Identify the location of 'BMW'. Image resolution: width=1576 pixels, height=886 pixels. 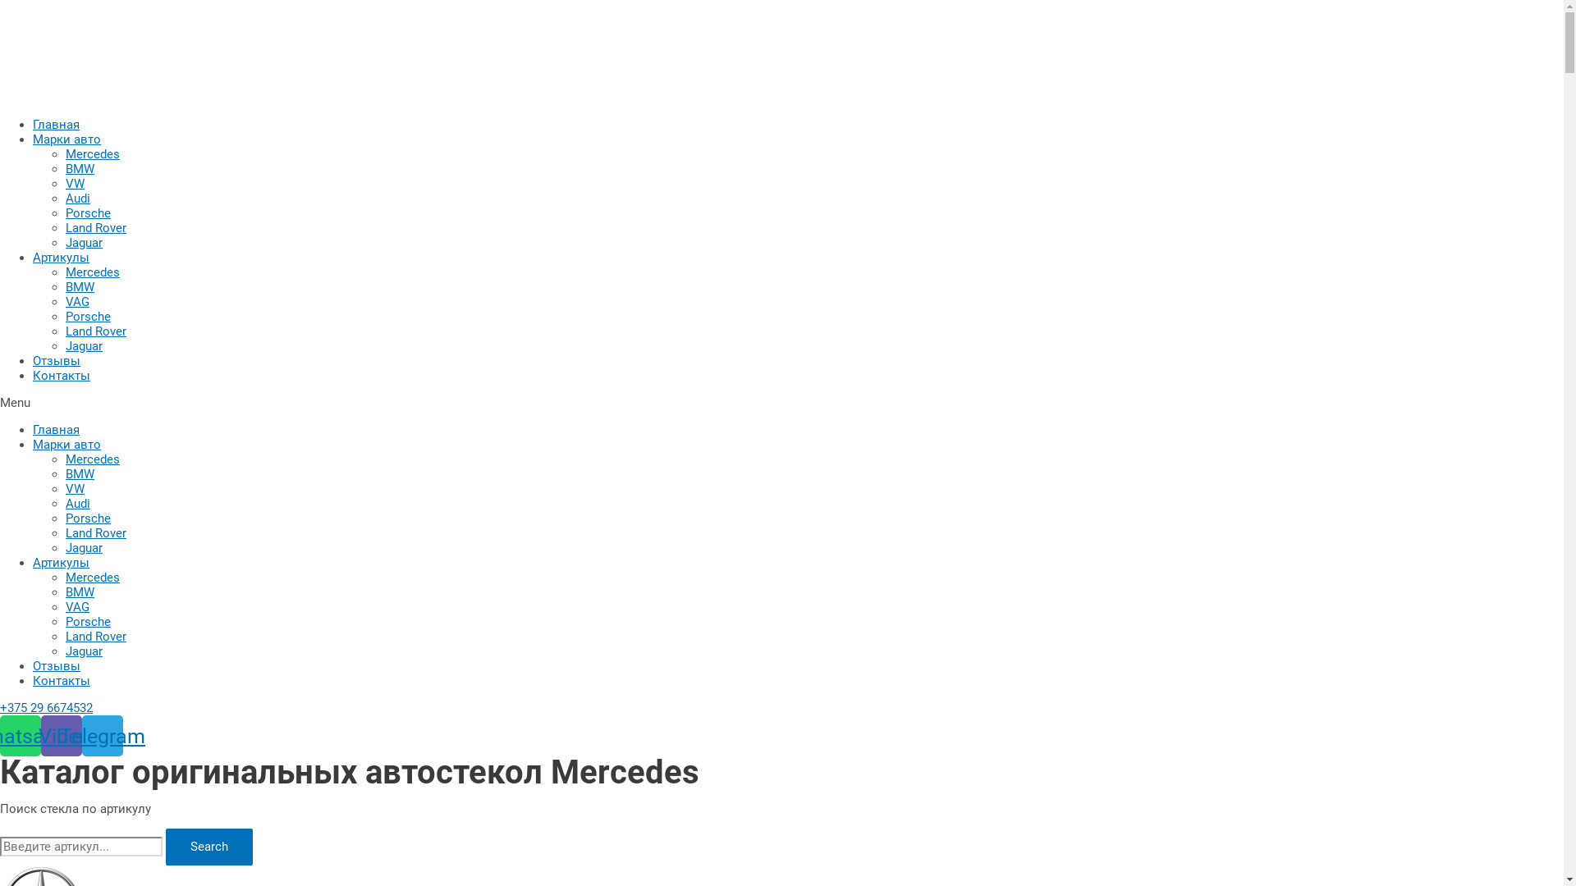
(66, 168).